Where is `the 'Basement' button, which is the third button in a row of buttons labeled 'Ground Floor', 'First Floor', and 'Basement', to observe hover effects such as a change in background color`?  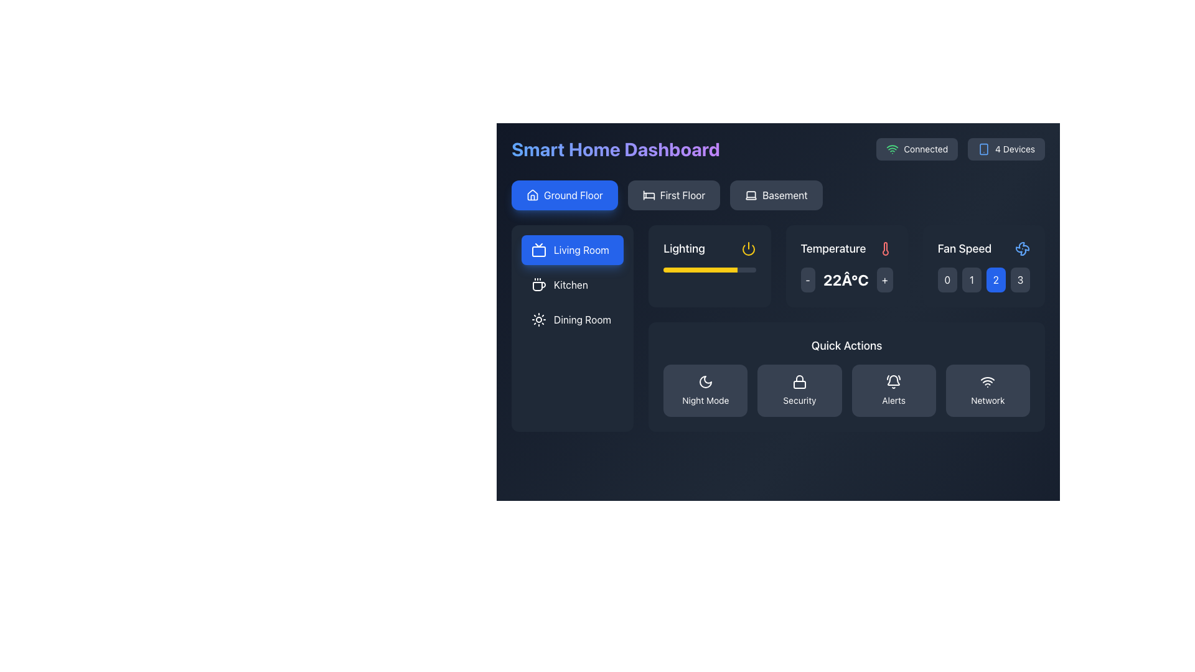 the 'Basement' button, which is the third button in a row of buttons labeled 'Ground Floor', 'First Floor', and 'Basement', to observe hover effects such as a change in background color is located at coordinates (776, 195).